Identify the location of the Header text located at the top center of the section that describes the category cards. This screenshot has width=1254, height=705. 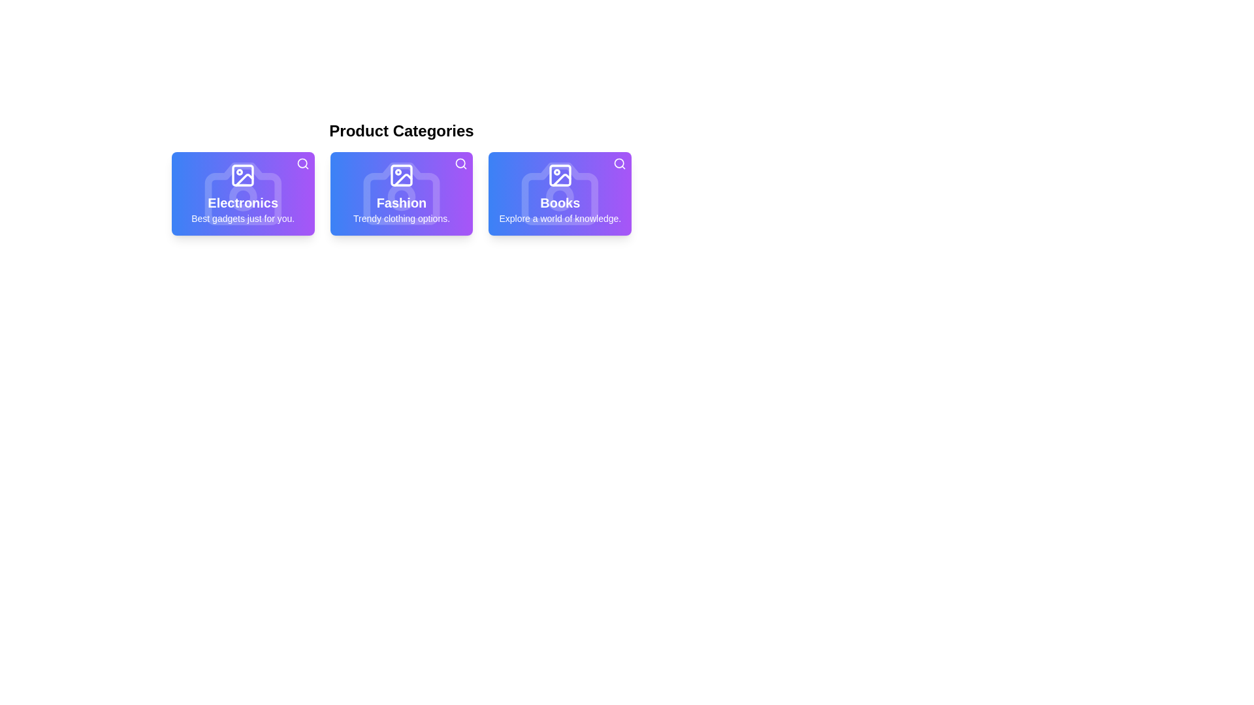
(400, 131).